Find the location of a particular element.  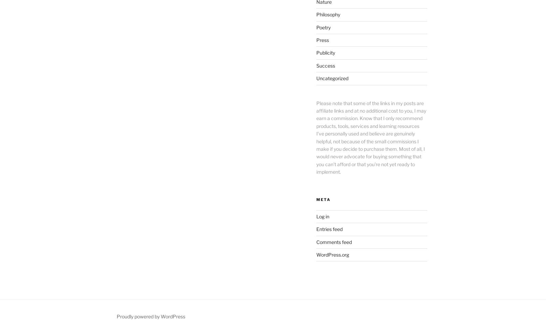

'Press' is located at coordinates (322, 40).